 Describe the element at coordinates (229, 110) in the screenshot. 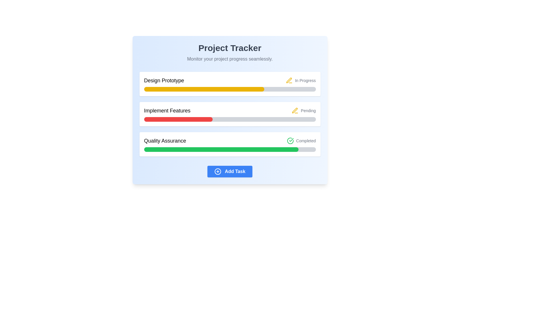

I see `task progress from the 'Project Tracker' section of the Dashboard, which contains various progress indicators and statuses` at that location.